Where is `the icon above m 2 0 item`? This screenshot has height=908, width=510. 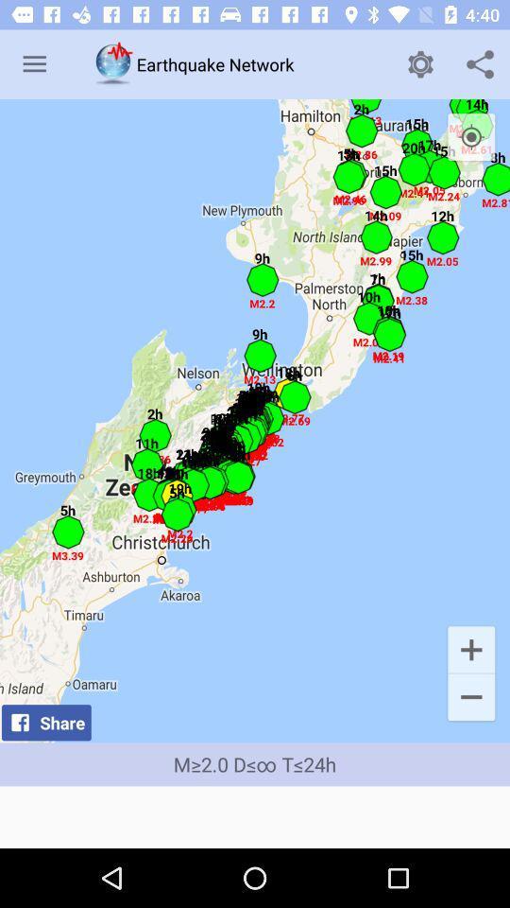
the icon above m 2 0 item is located at coordinates (470, 697).